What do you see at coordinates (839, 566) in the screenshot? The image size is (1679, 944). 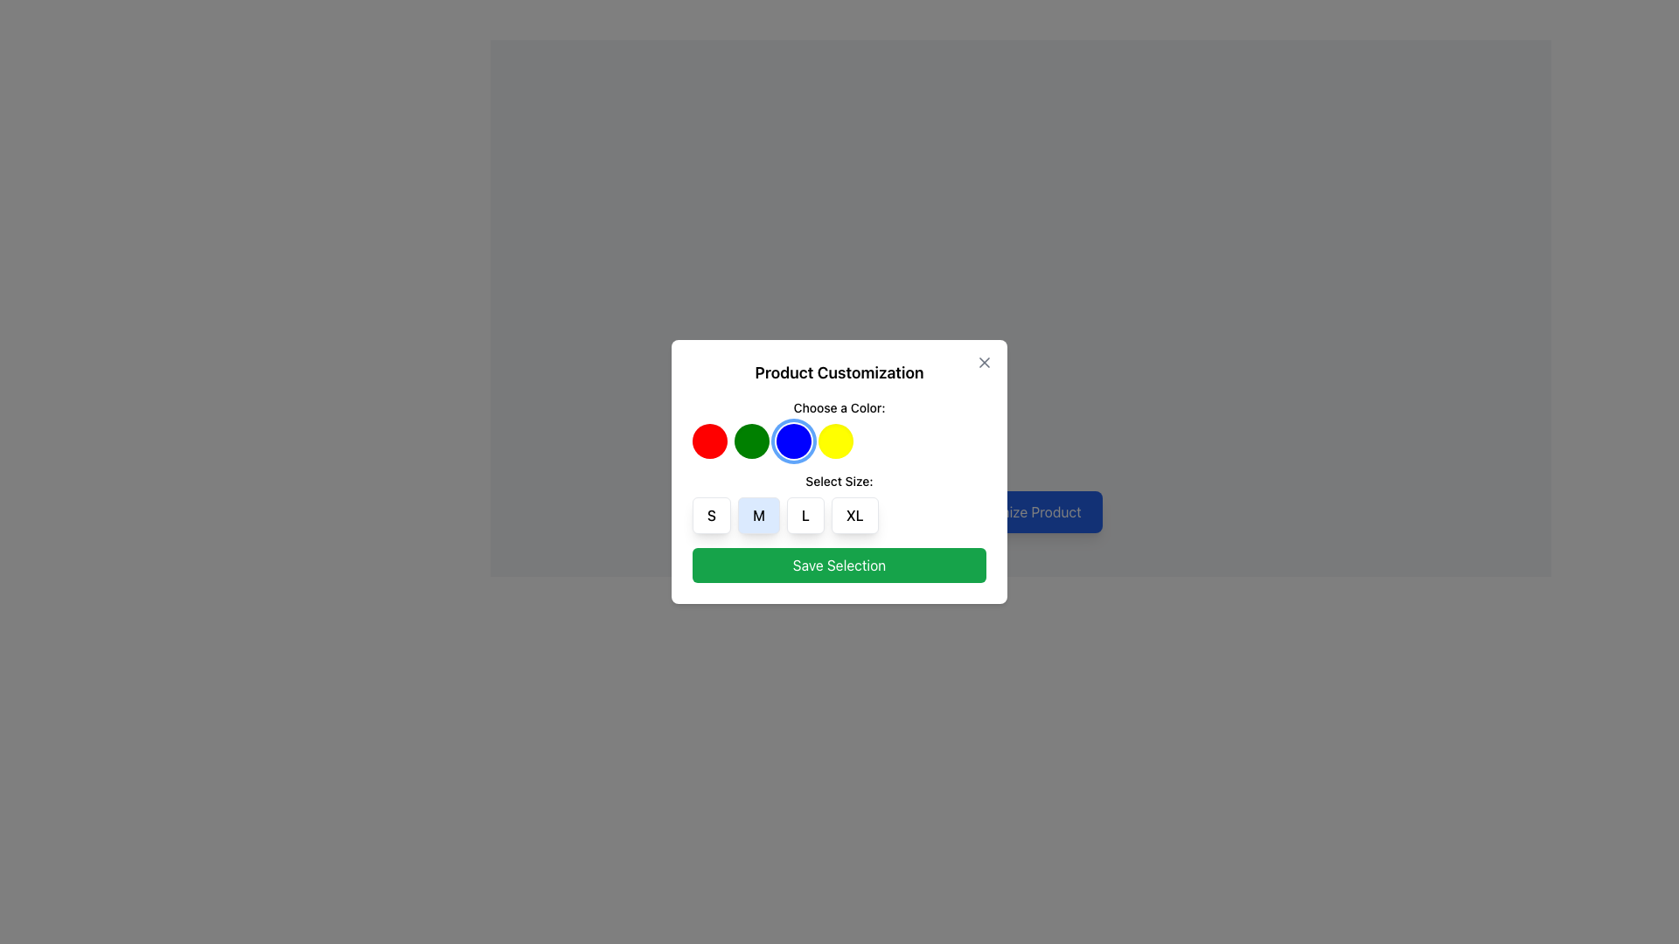 I see `the save button located at the bottom of the product customization modal to confirm and apply the user's selected color and size` at bounding box center [839, 566].